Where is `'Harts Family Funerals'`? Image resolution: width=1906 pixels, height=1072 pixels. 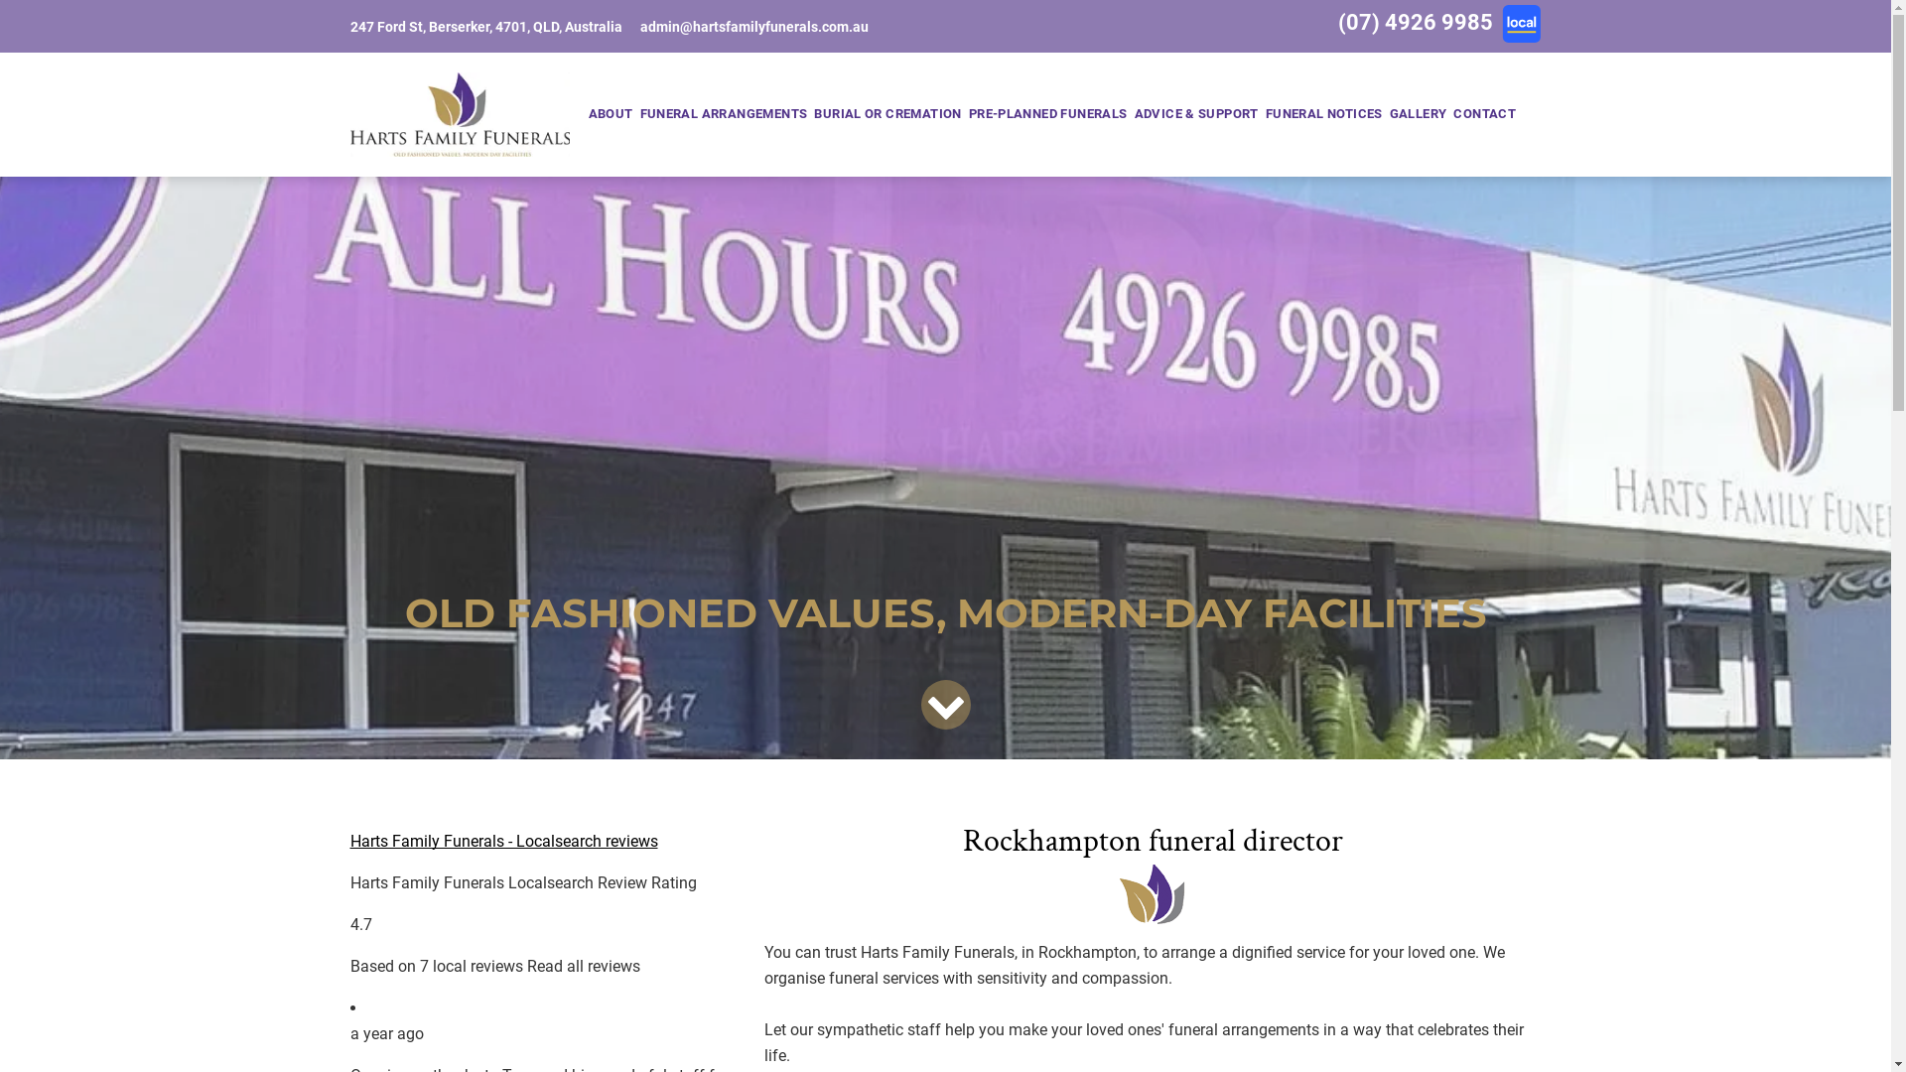 'Harts Family Funerals' is located at coordinates (348, 114).